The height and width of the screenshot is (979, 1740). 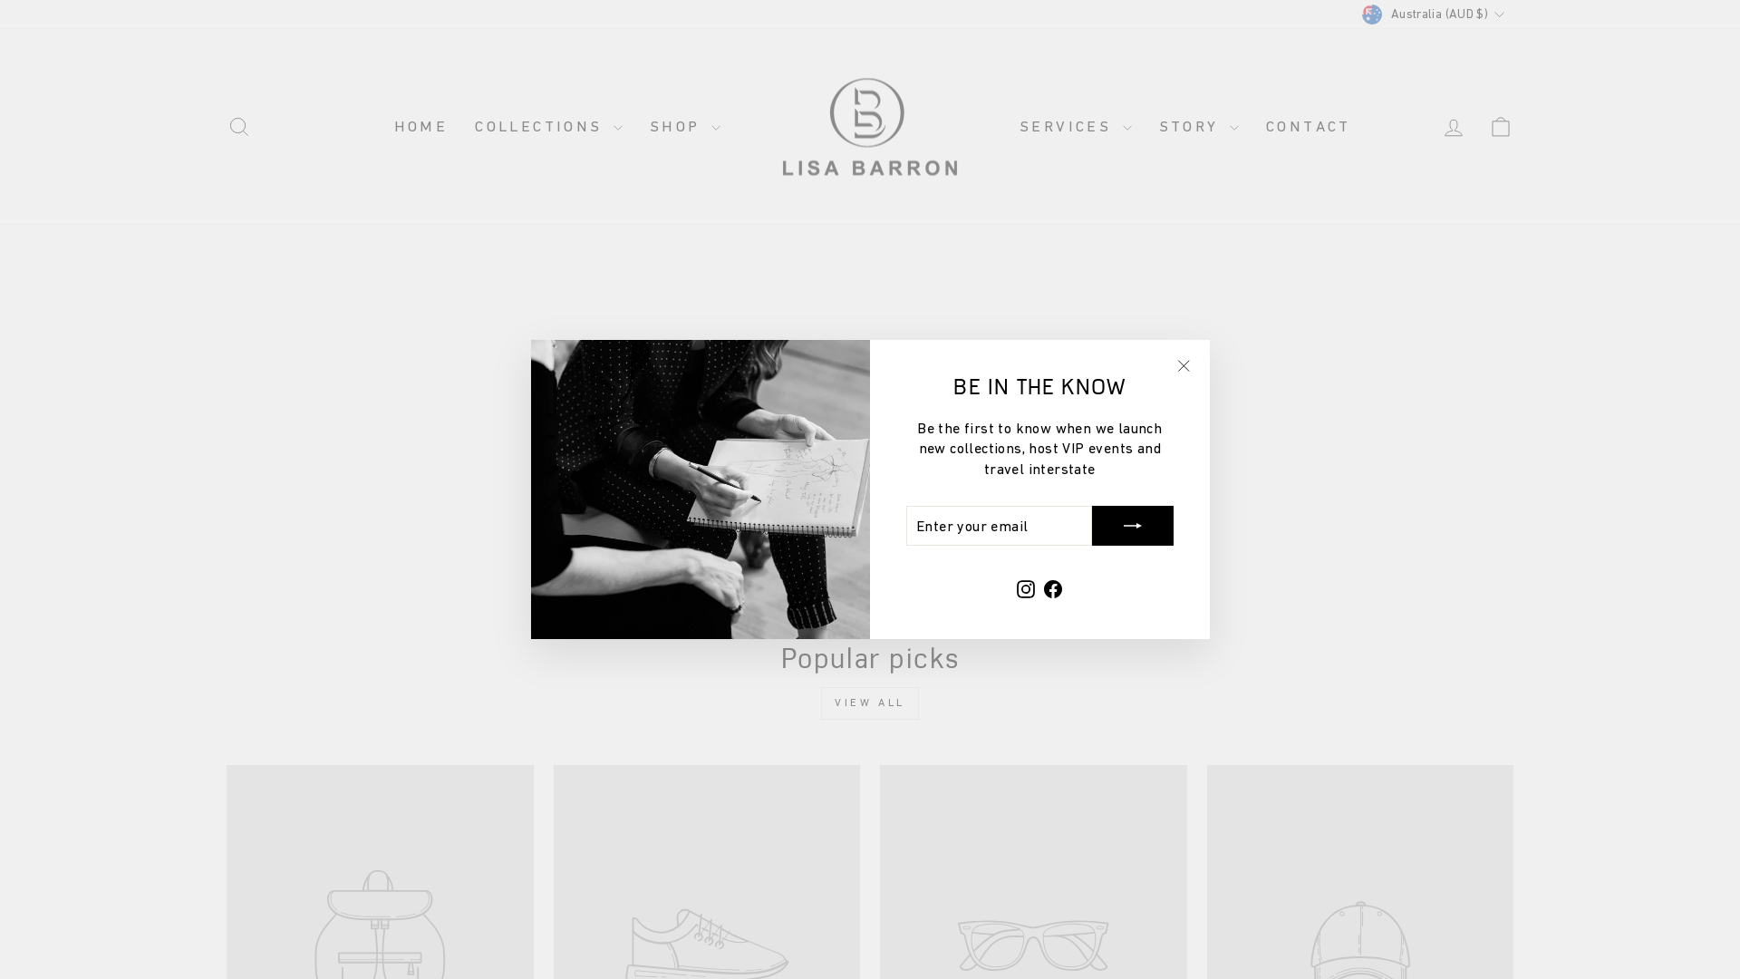 I want to click on 'icon-X, so click(x=1183, y=366).